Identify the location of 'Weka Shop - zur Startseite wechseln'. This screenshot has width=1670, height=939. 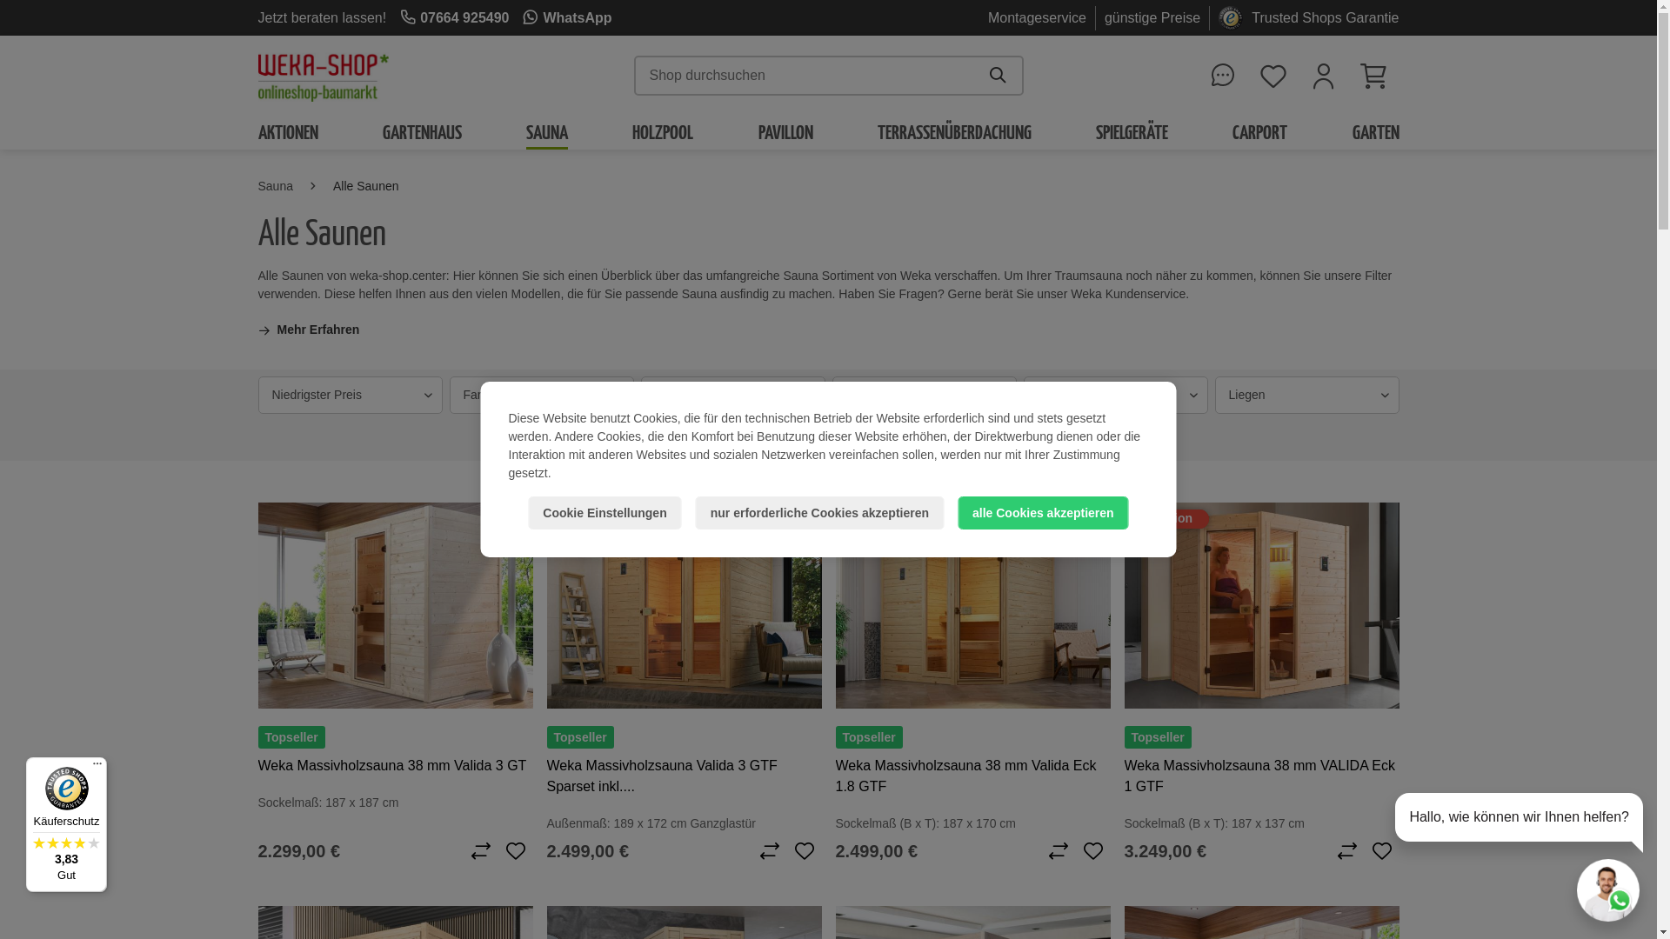
(322, 75).